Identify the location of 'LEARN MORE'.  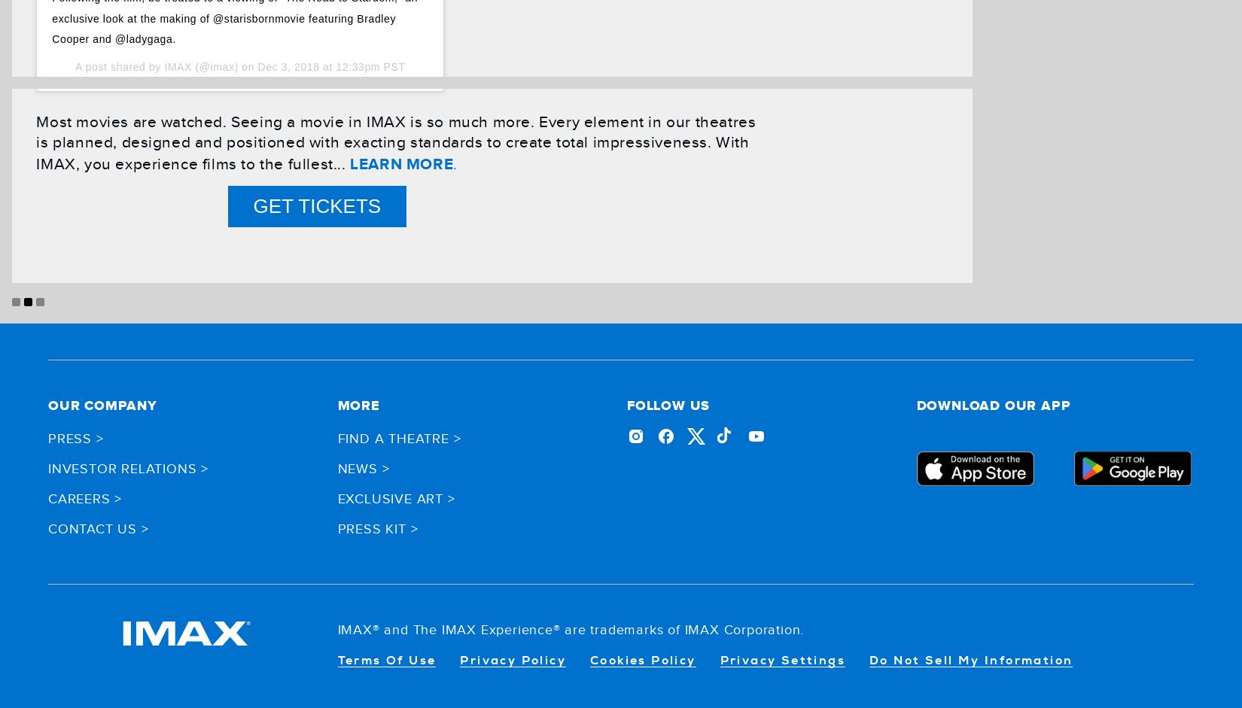
(400, 163).